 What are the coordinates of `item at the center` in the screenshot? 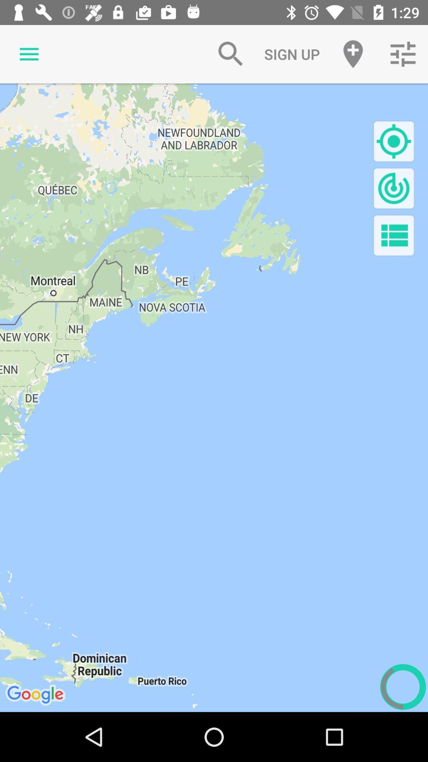 It's located at (214, 398).